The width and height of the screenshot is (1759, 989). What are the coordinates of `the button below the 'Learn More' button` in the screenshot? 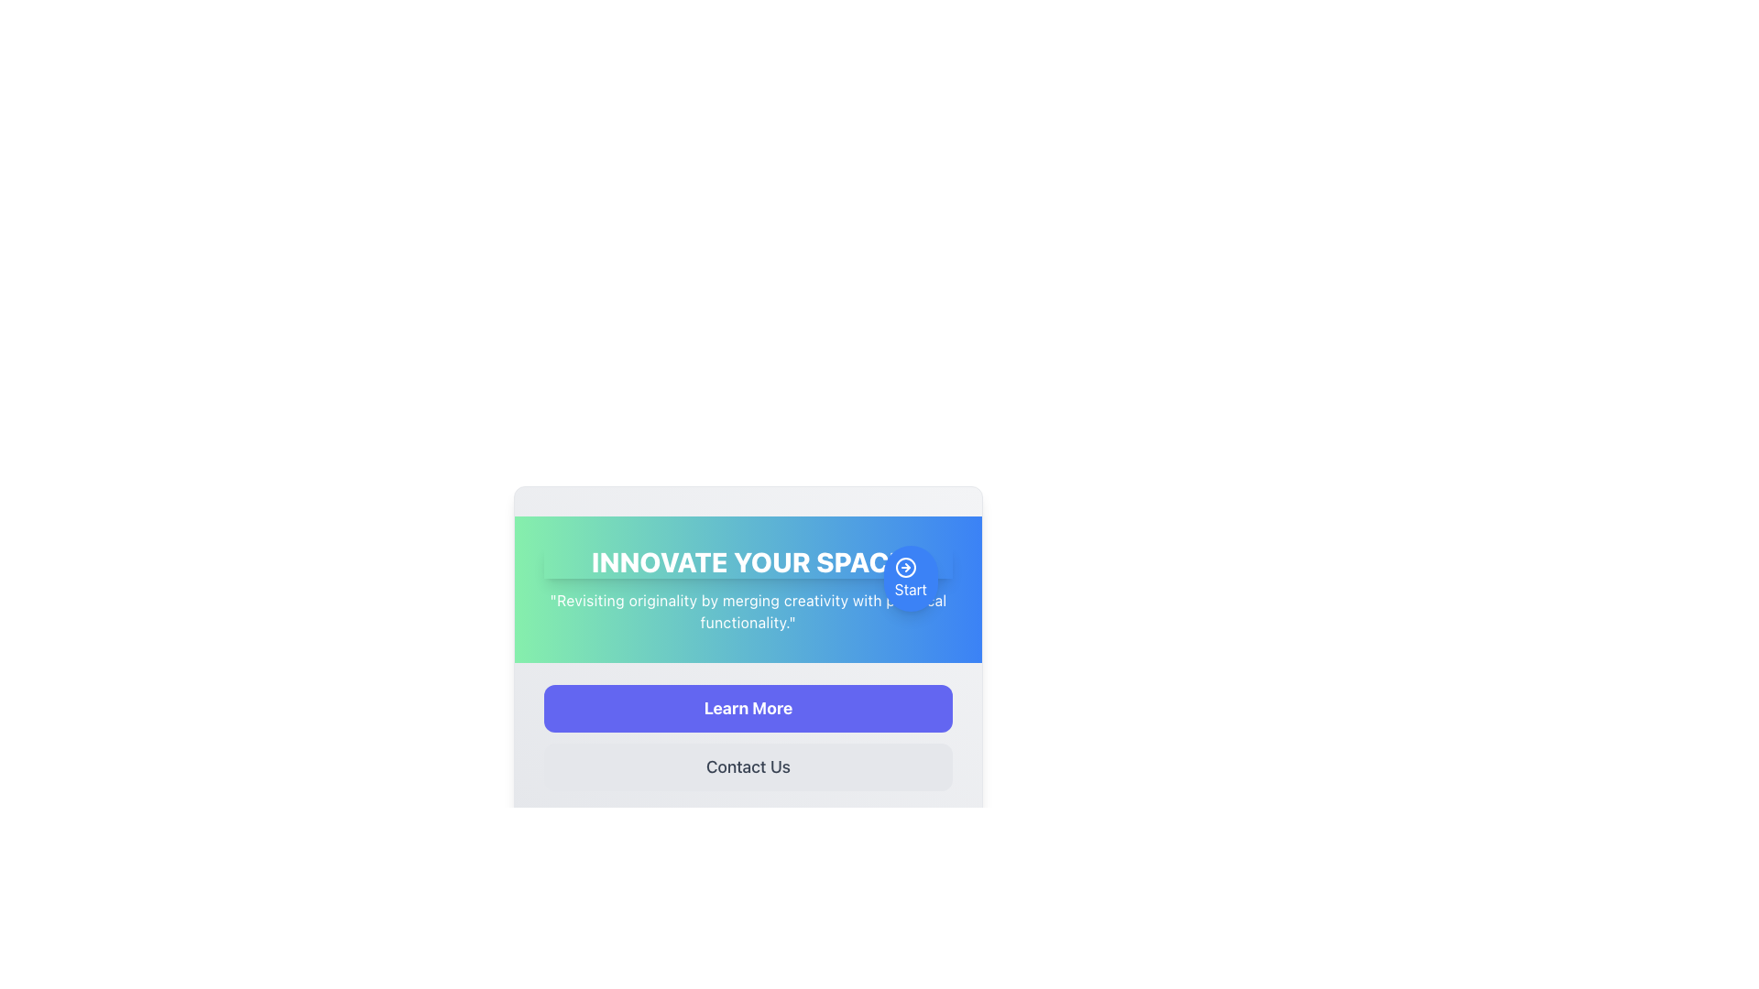 It's located at (748, 766).